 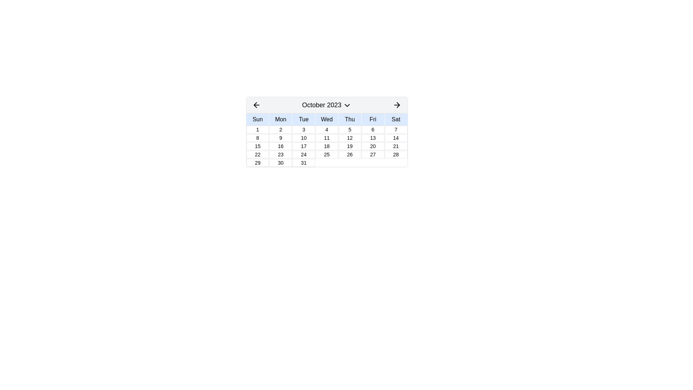 I want to click on the white rectangular label displaying '12', located in the second row and fifth column of the calendar grid, representing Thursday, October 12, so click(x=350, y=138).